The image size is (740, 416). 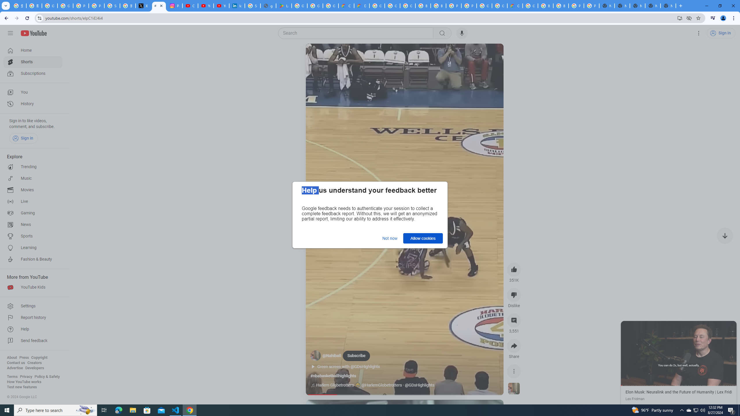 I want to click on 'Shorts', so click(x=33, y=62).